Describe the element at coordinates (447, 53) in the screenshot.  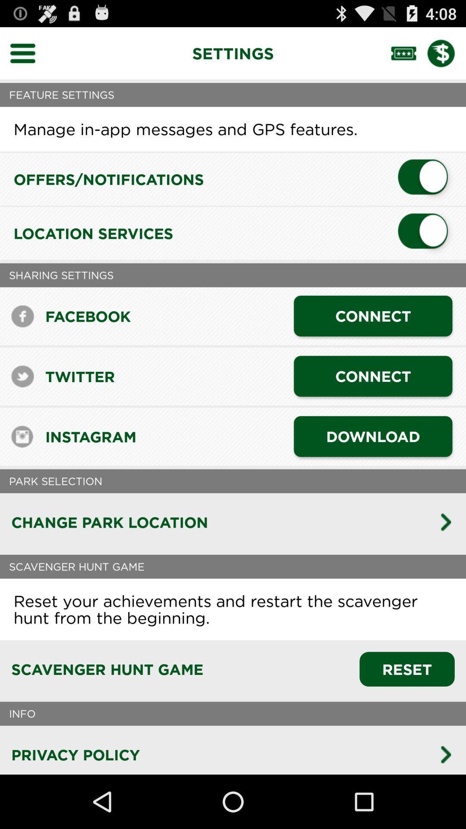
I see `money to app` at that location.